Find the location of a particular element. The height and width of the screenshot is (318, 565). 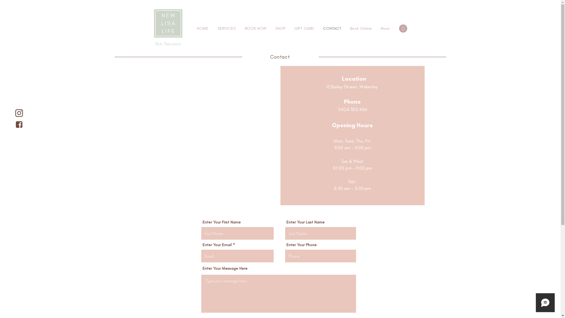

'HOME' is located at coordinates (192, 28).